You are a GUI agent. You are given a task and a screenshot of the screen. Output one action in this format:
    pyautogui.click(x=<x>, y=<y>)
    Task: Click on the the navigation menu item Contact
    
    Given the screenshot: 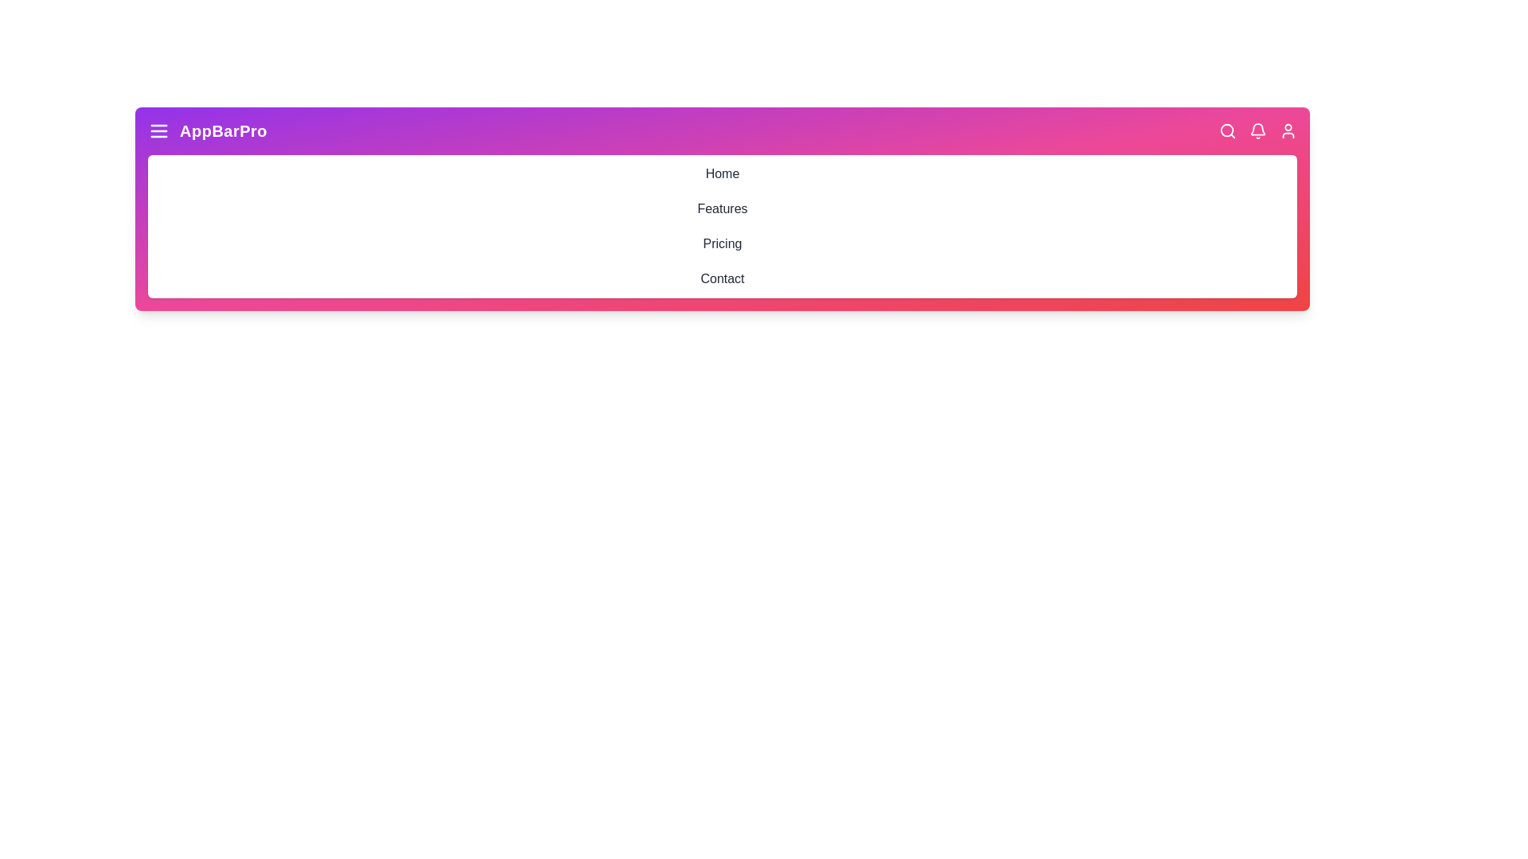 What is the action you would take?
    pyautogui.click(x=721, y=278)
    